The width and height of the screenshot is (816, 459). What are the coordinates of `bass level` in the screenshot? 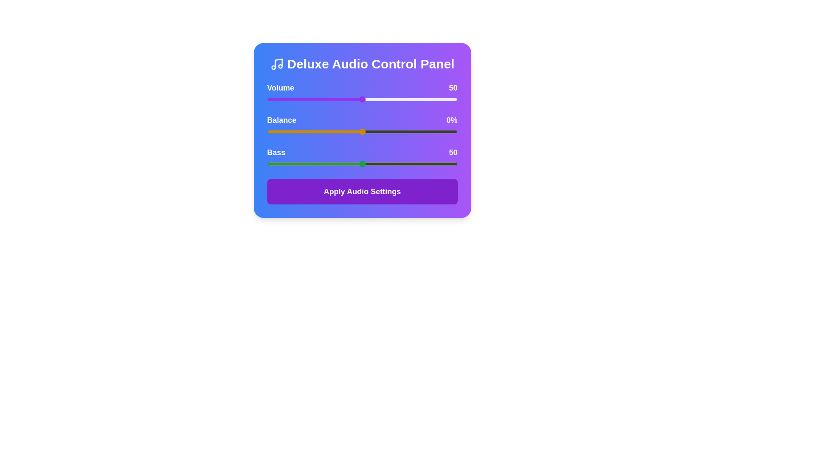 It's located at (438, 164).